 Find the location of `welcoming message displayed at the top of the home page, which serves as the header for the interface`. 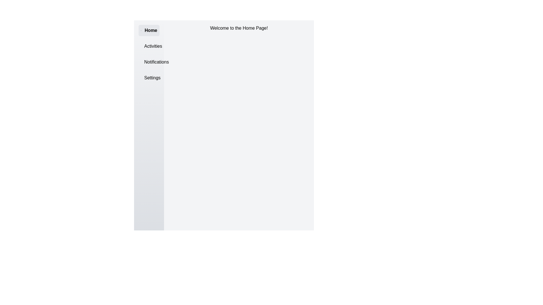

welcoming message displayed at the top of the home page, which serves as the header for the interface is located at coordinates (239, 28).